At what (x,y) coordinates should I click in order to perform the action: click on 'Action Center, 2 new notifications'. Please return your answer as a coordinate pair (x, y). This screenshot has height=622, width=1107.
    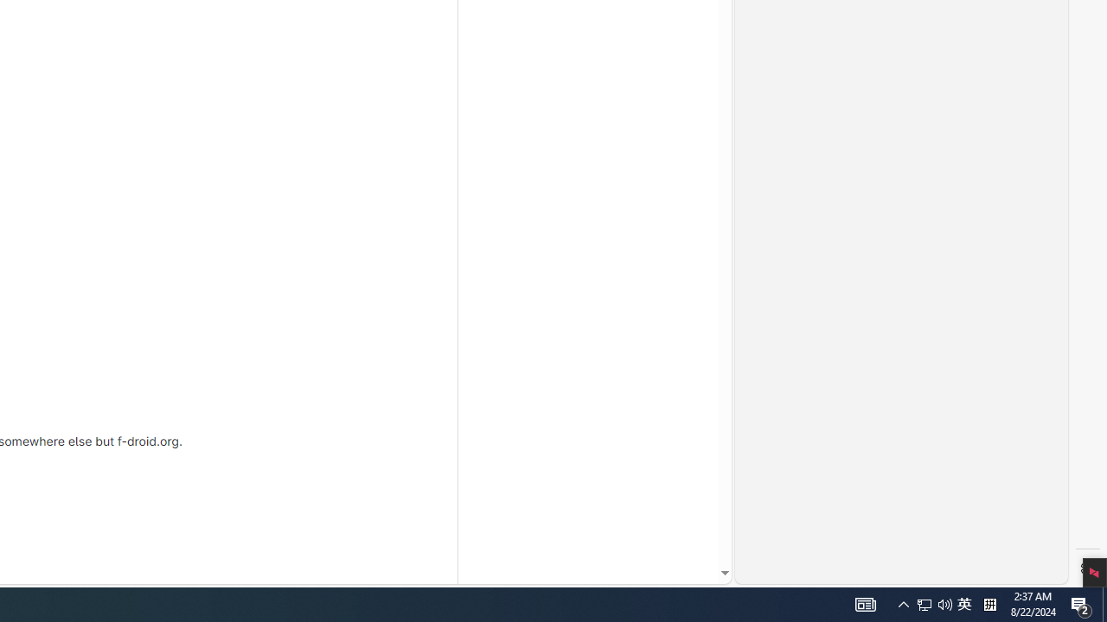
    Looking at the image, I should click on (1081, 603).